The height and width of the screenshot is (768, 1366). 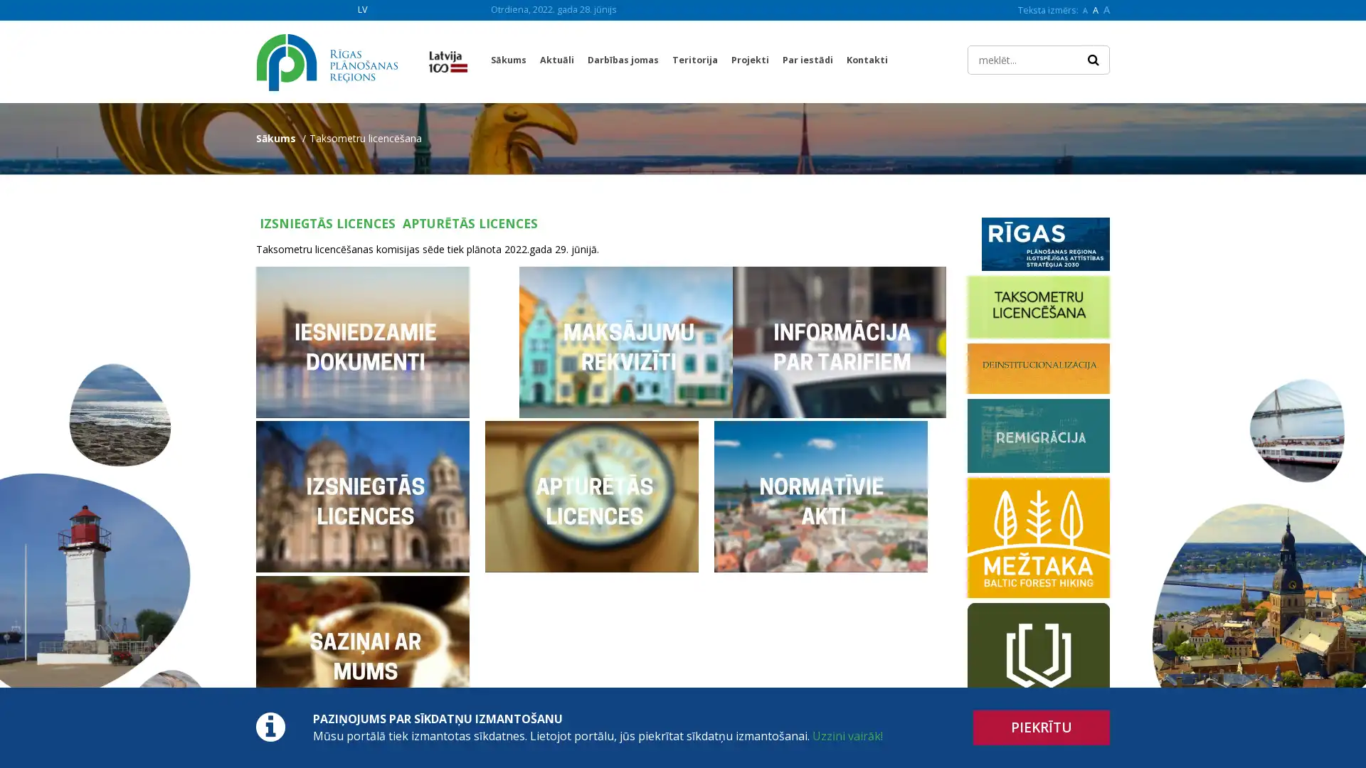 What do you see at coordinates (1042, 727) in the screenshot?
I see `PIEKRITU` at bounding box center [1042, 727].